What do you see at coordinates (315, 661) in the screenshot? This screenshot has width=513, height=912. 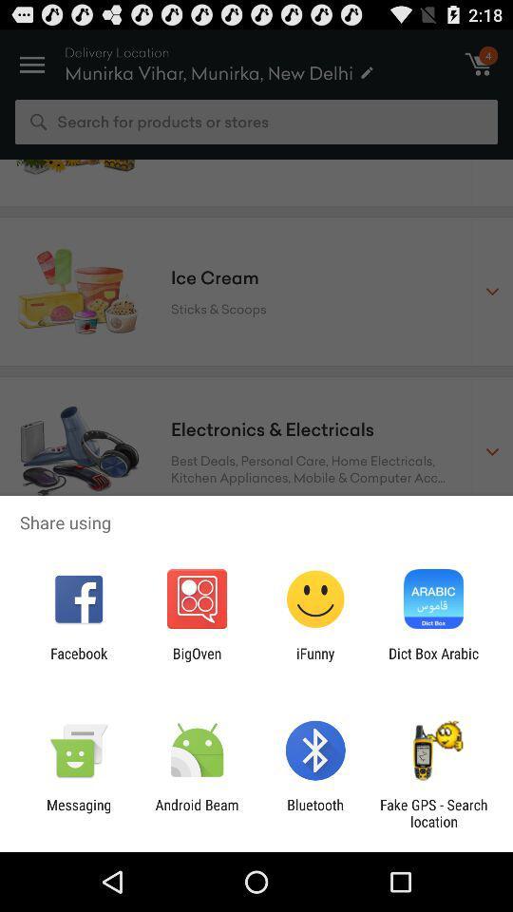 I see `the ifunny item` at bounding box center [315, 661].